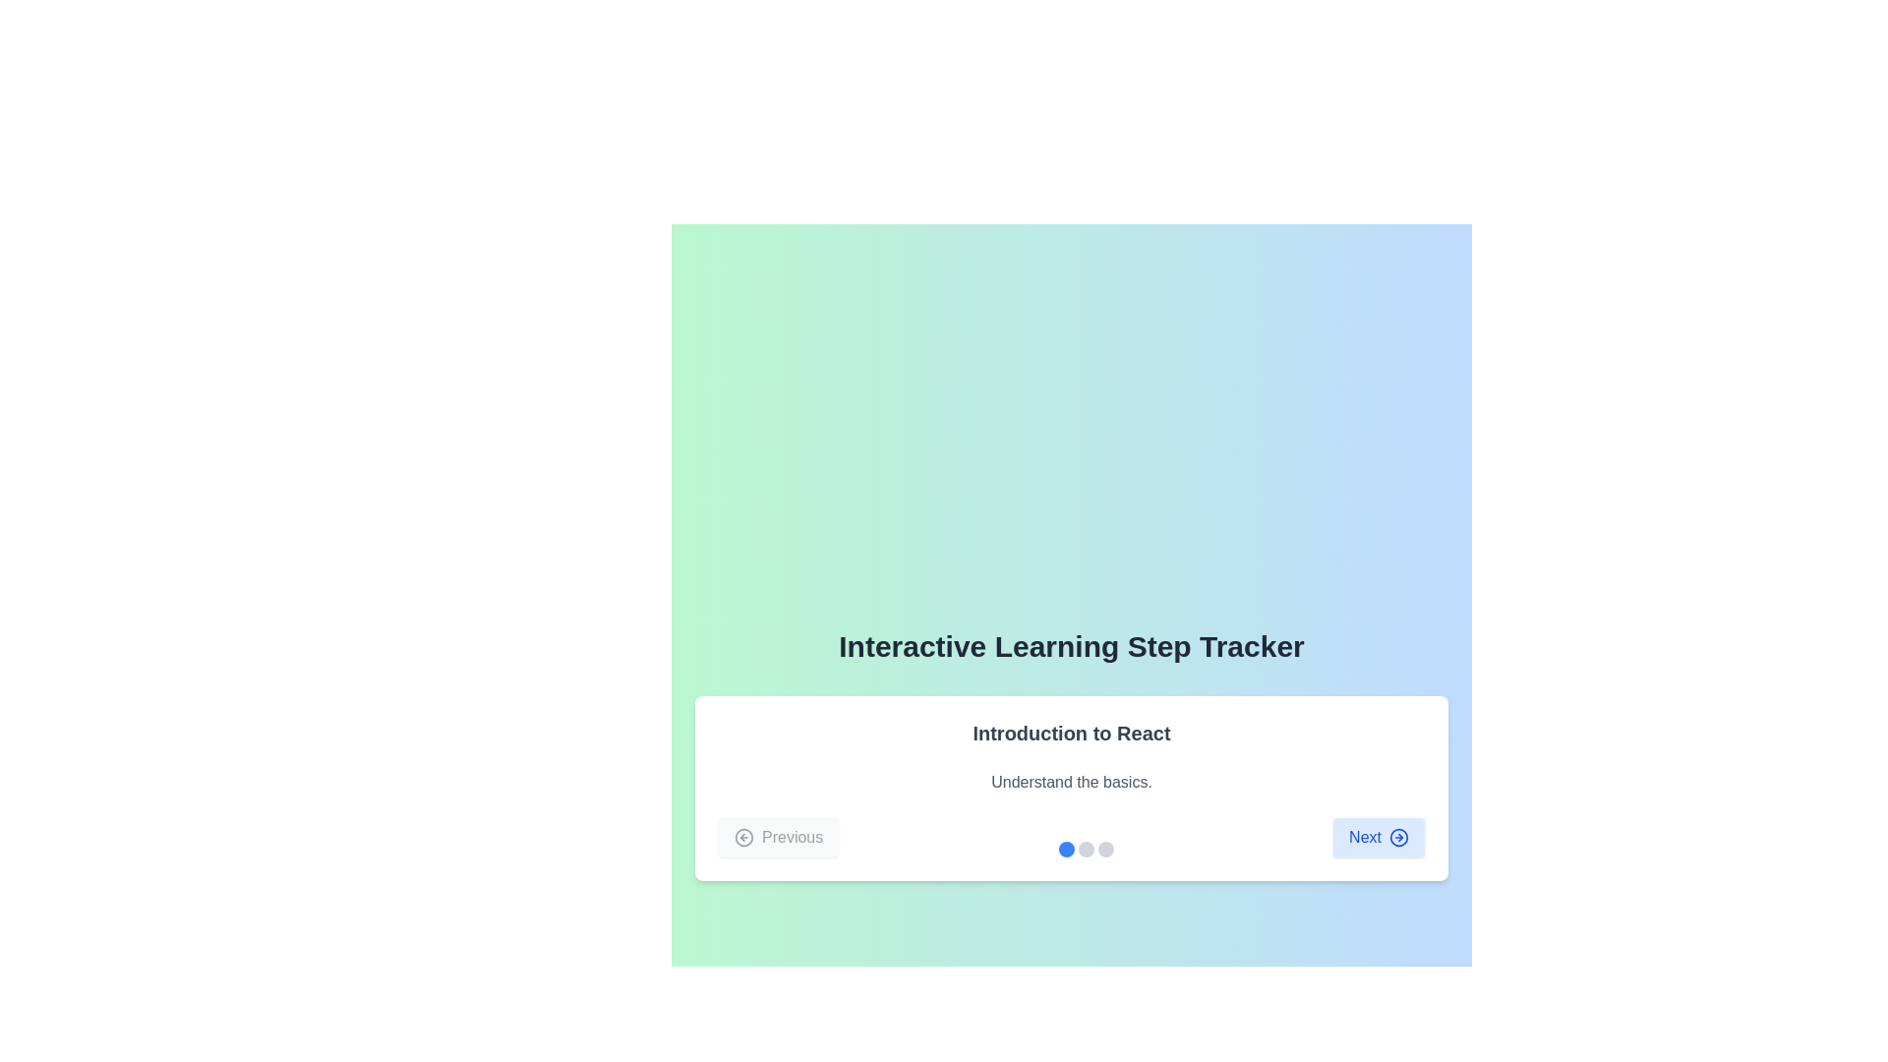 This screenshot has height=1062, width=1888. What do you see at coordinates (1070, 781) in the screenshot?
I see `the text label that reads 'Understand the basics.' which is styled in light gray and positioned below the heading 'Introduction to React'` at bounding box center [1070, 781].